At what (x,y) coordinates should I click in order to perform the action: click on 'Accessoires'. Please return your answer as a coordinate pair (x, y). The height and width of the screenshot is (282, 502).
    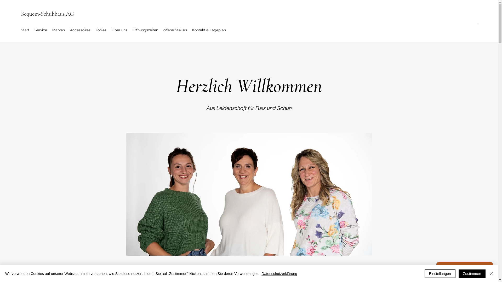
    Looking at the image, I should click on (80, 30).